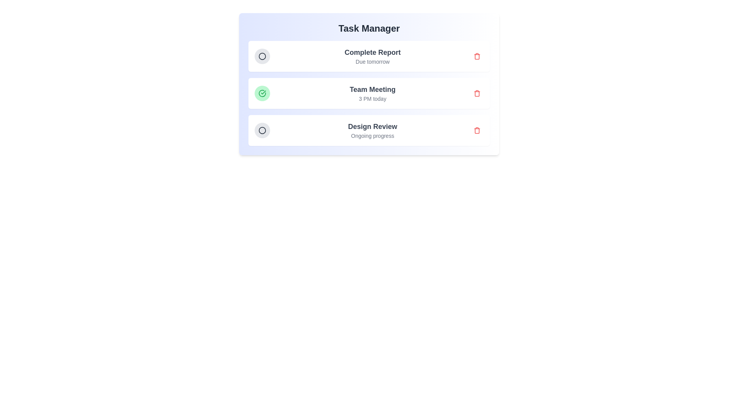  Describe the element at coordinates (262, 56) in the screenshot. I see `the button located at the top-left of the task card for 'Complete Report' to mark the task as active or complete` at that location.